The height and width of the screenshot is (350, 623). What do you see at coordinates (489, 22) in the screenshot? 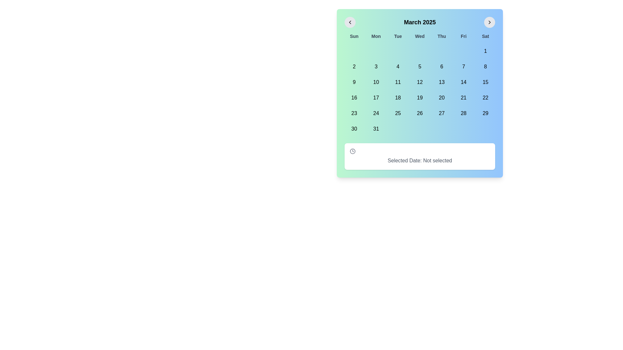
I see `the right-facing Chevron icon button located in the top-right corner of the calendar interface, adjacent to the title 'March 2025', to enable navigation to the next month or year` at bounding box center [489, 22].